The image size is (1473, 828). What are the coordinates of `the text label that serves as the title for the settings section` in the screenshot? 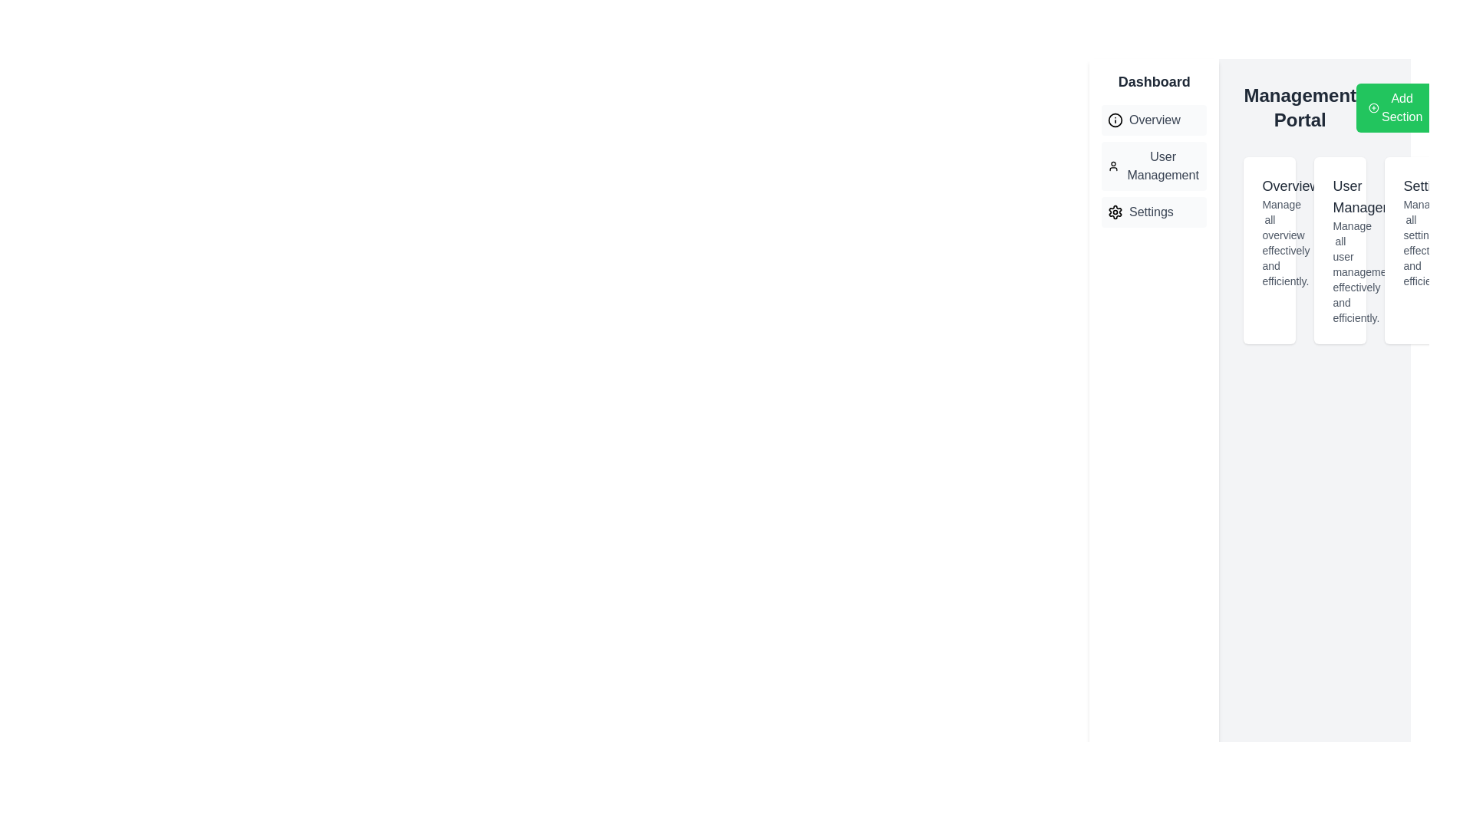 It's located at (1411, 186).